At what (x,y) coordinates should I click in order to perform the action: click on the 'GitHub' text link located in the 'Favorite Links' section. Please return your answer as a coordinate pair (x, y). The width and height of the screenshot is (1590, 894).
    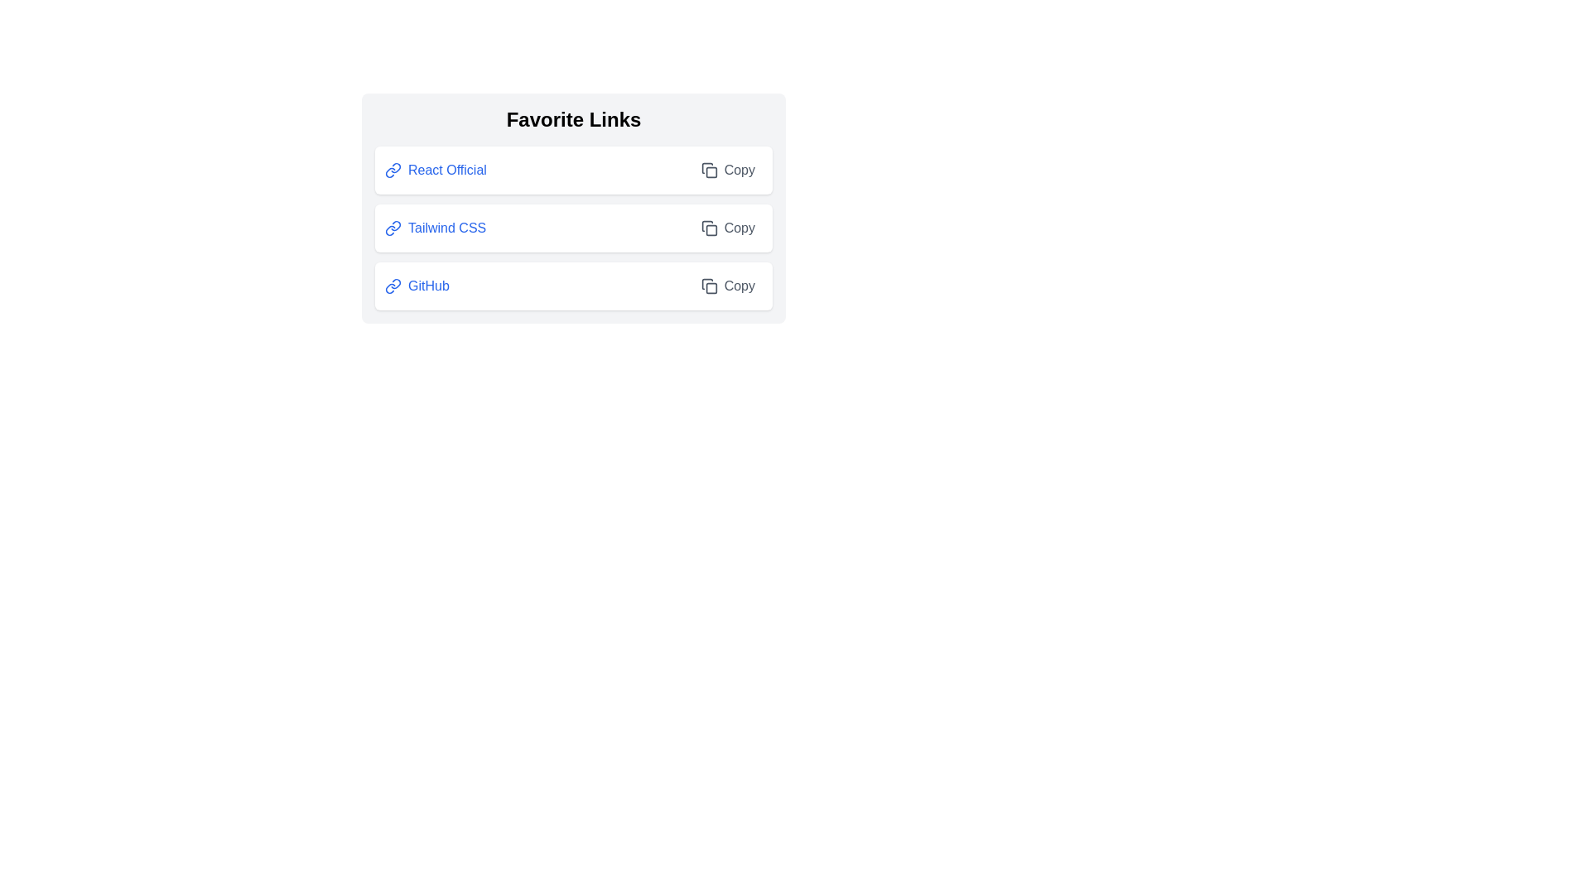
    Looking at the image, I should click on (428, 286).